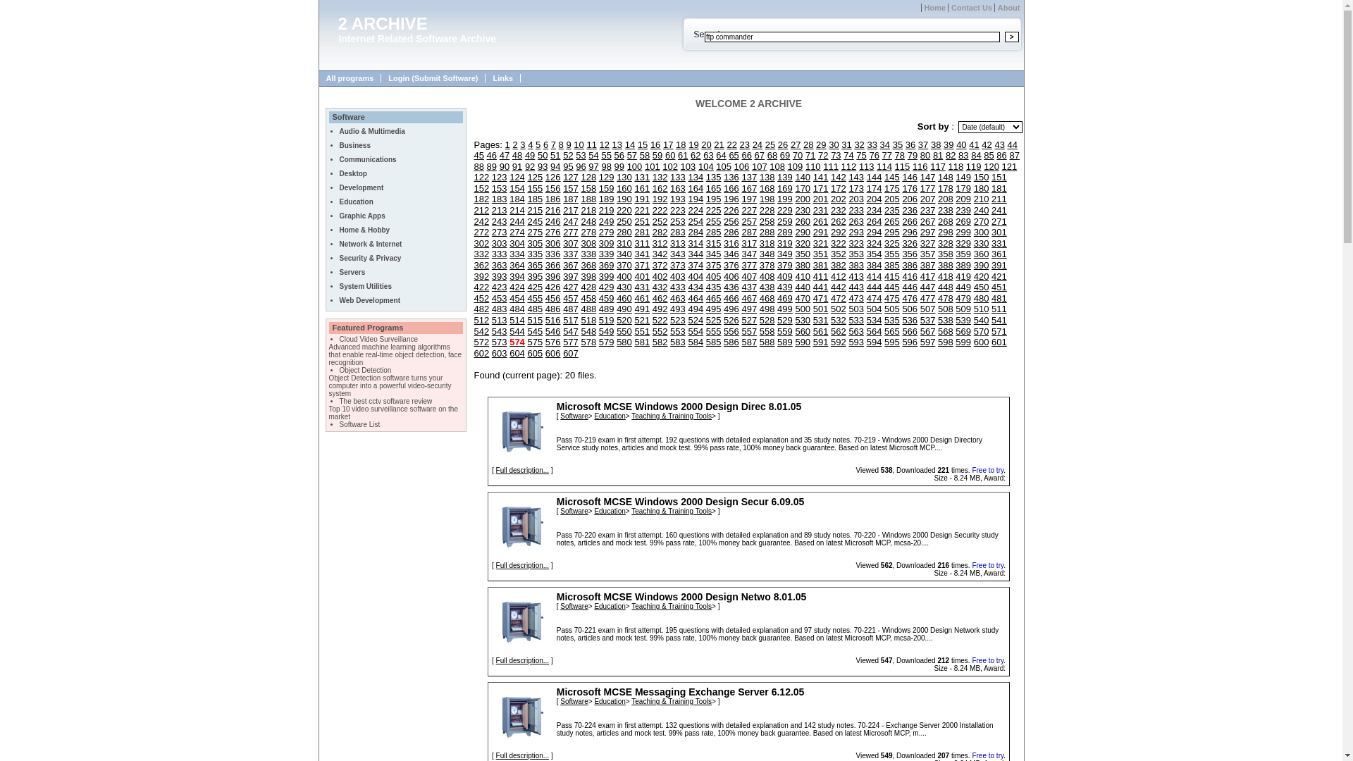 The image size is (1353, 761). What do you see at coordinates (963, 342) in the screenshot?
I see `'599'` at bounding box center [963, 342].